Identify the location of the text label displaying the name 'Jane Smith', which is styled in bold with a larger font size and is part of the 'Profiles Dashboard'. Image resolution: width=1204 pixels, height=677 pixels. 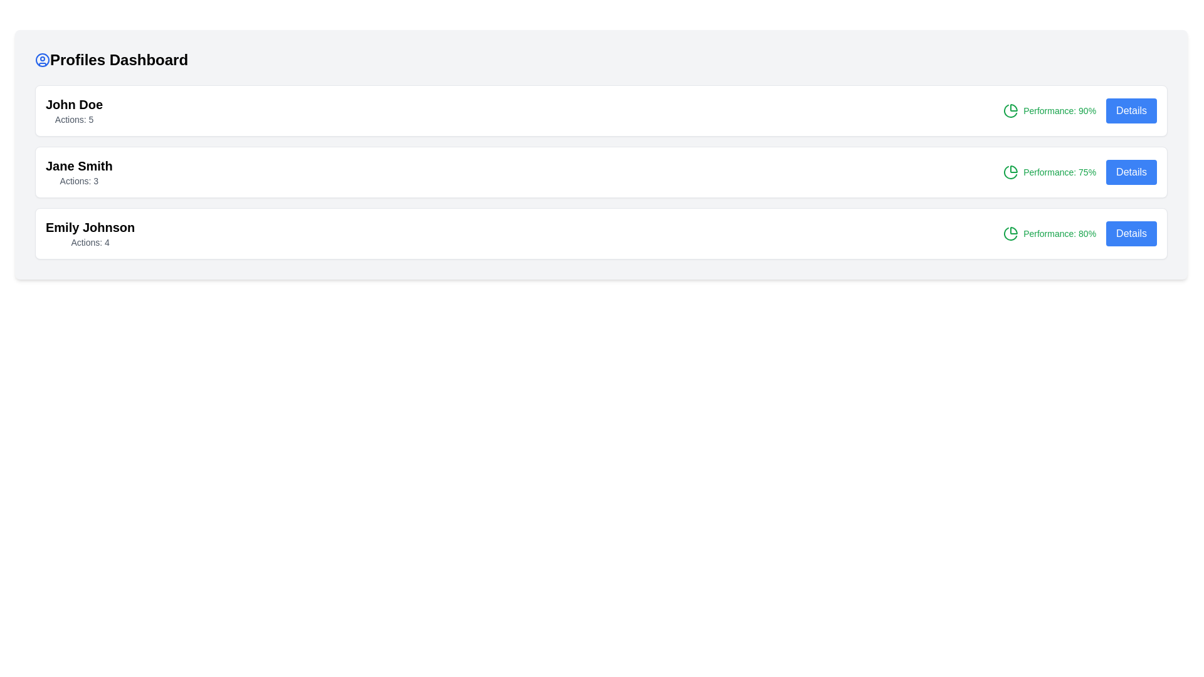
(78, 165).